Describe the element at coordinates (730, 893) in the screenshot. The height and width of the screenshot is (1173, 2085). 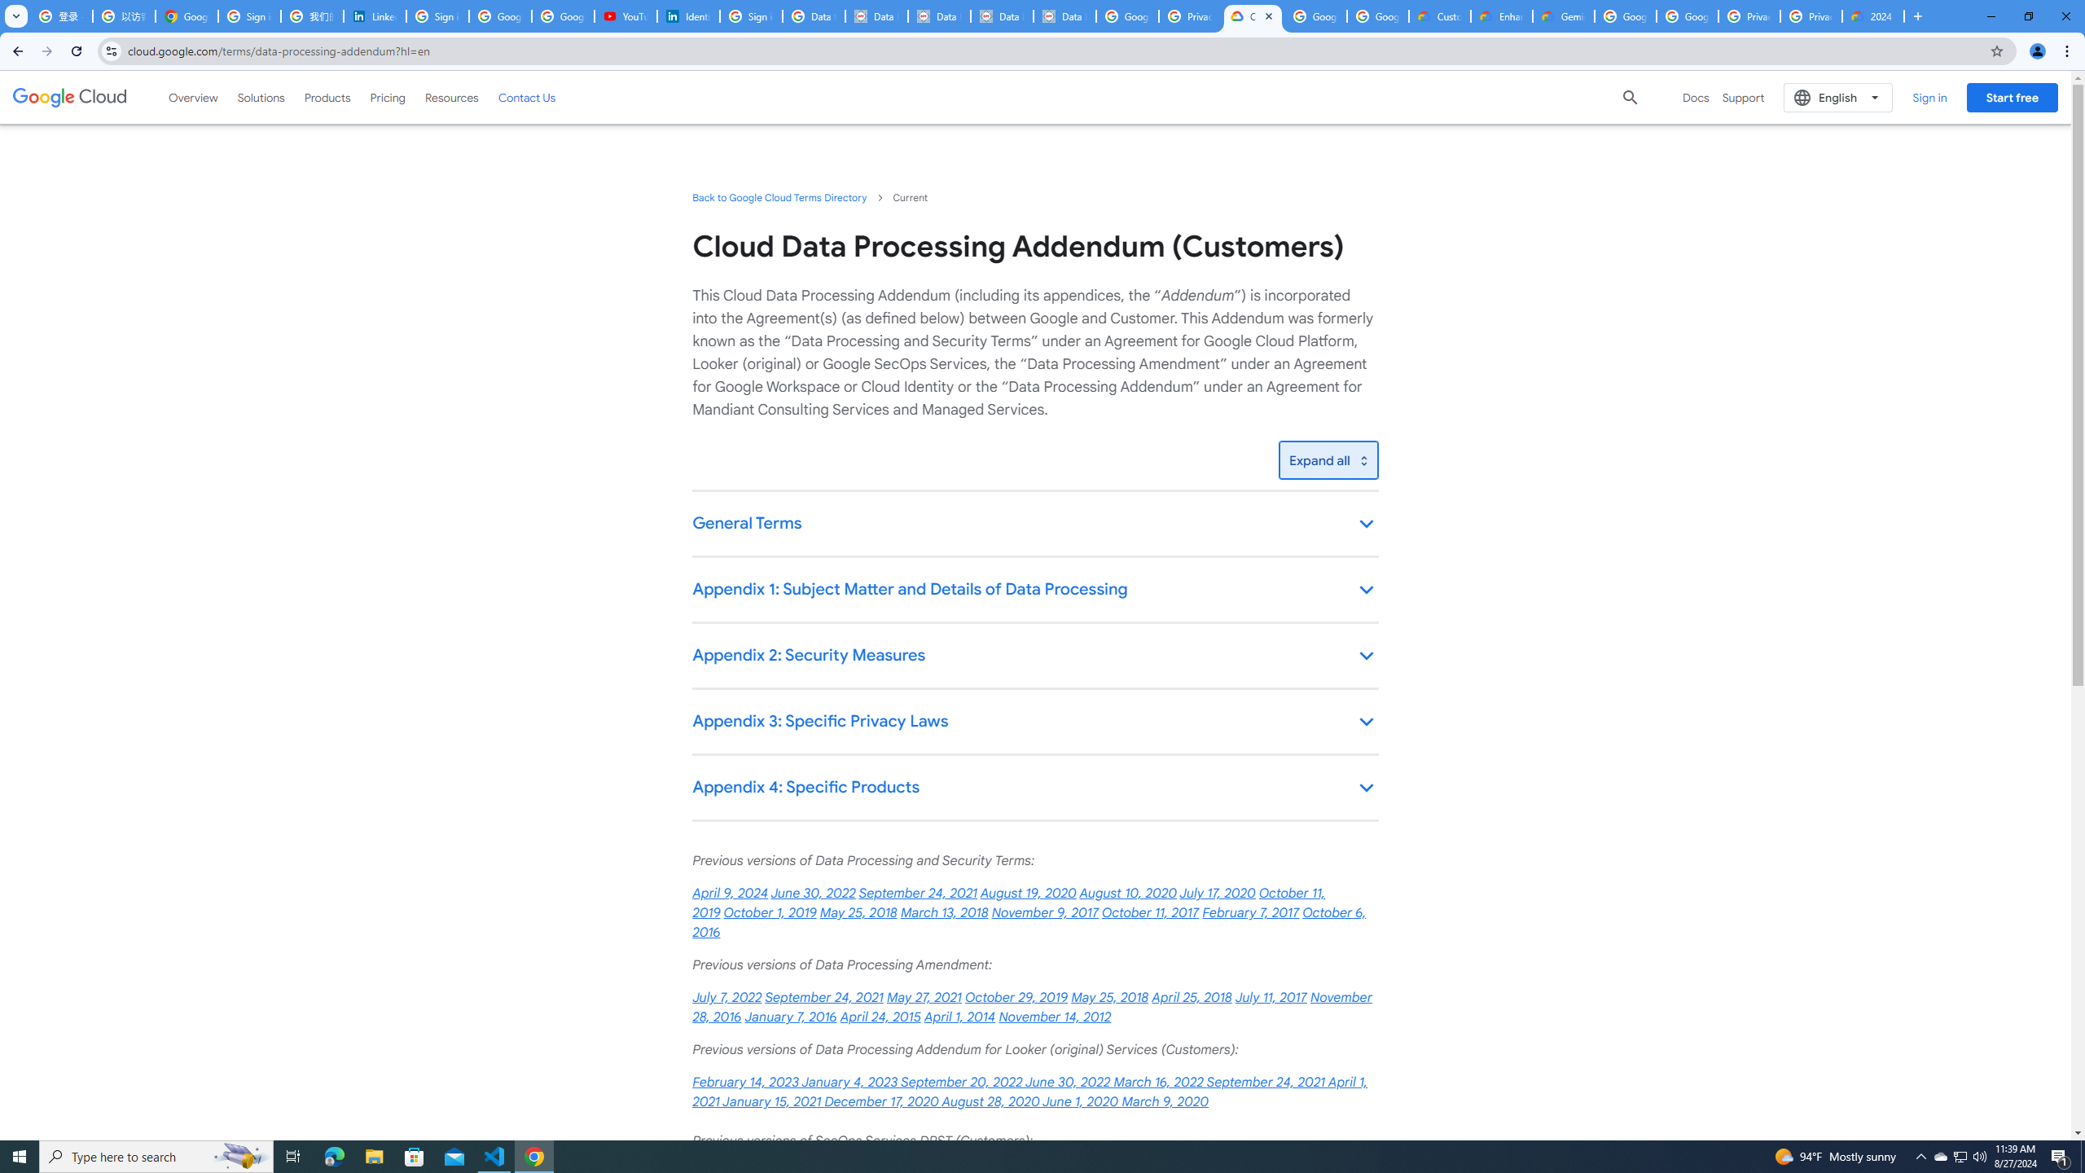
I see `'April 9, 2024'` at that location.